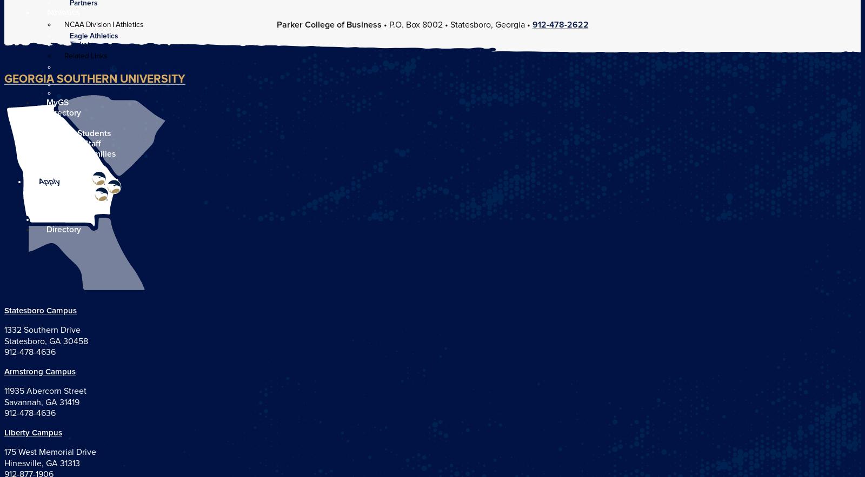 The height and width of the screenshot is (477, 865). What do you see at coordinates (49, 452) in the screenshot?
I see `'175 West Memorial Drive'` at bounding box center [49, 452].